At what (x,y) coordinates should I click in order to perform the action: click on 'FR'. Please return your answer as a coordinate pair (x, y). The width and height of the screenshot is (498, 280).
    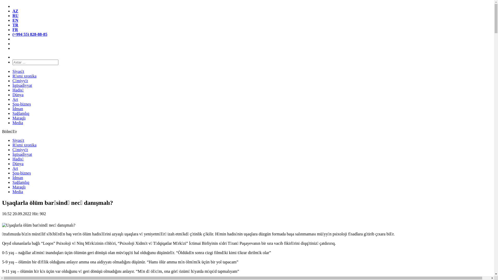
    Looking at the image, I should click on (15, 30).